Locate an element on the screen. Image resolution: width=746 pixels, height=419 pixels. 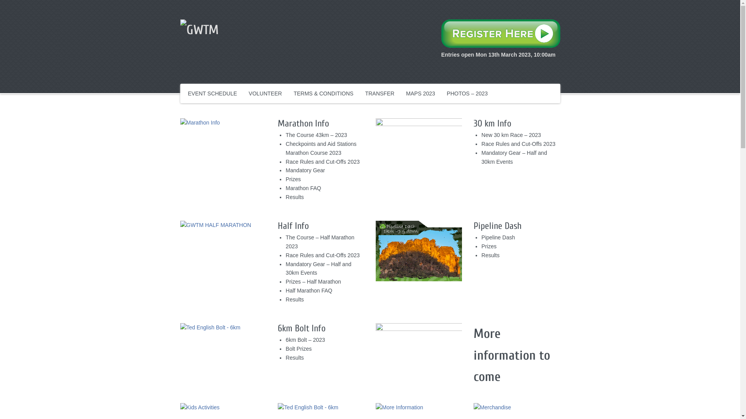
'TRANSFER' is located at coordinates (380, 93).